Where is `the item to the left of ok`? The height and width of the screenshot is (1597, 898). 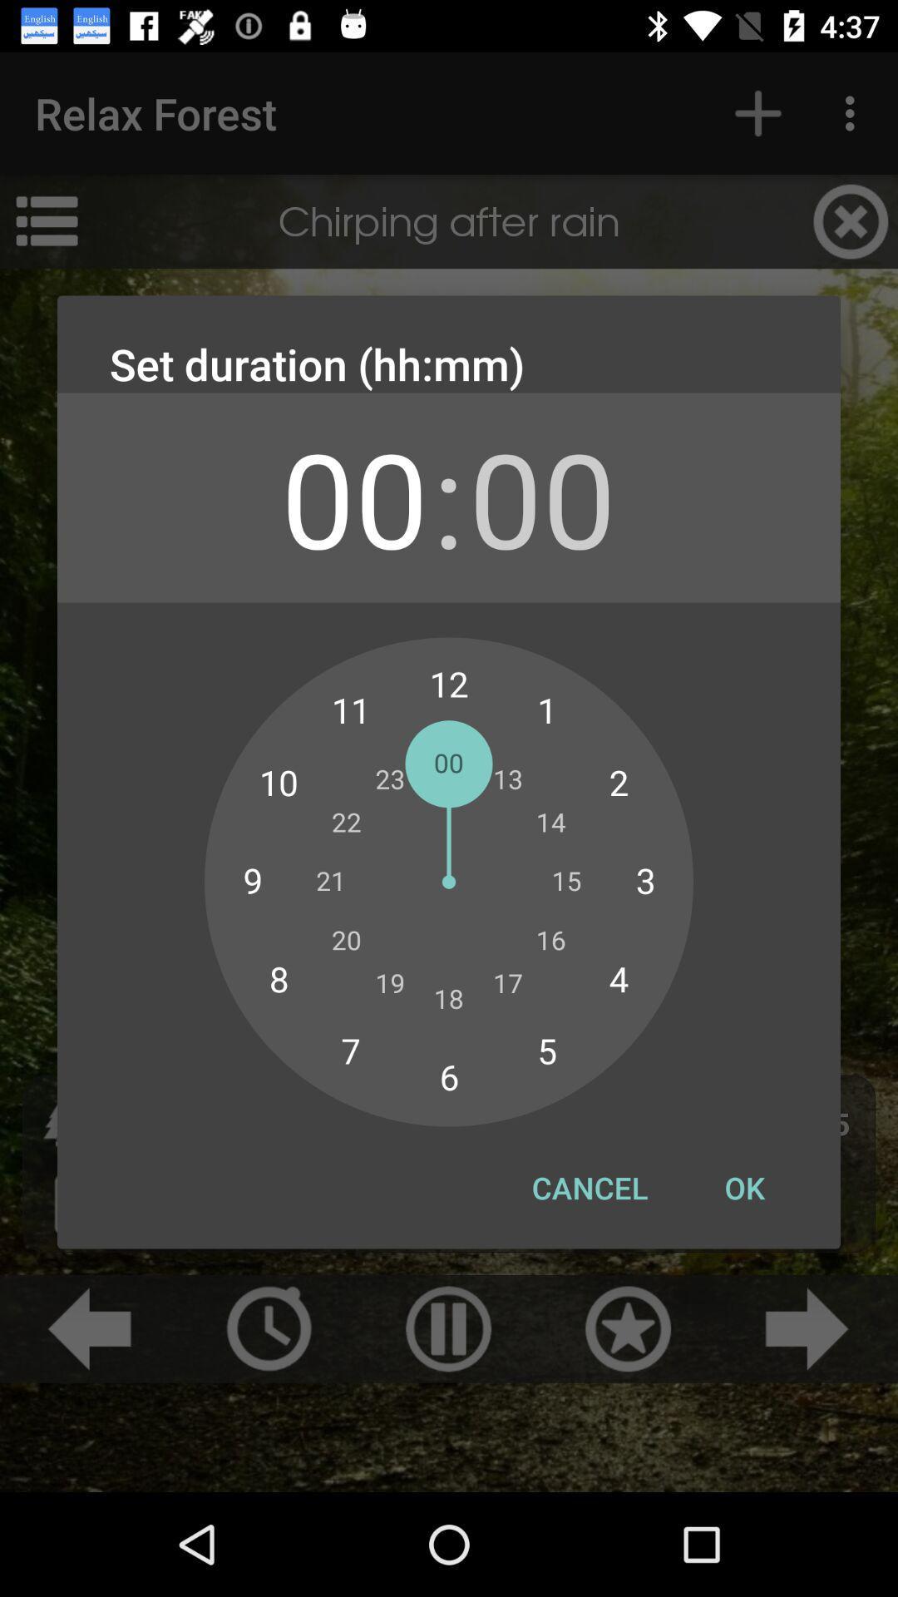 the item to the left of ok is located at coordinates (589, 1187).